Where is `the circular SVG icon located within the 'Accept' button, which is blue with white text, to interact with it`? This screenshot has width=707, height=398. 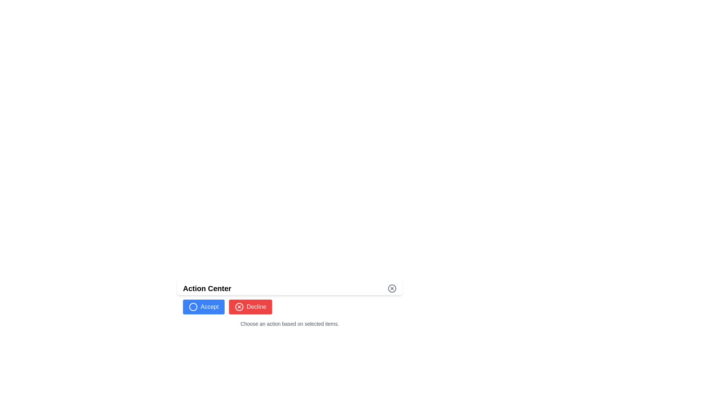
the circular SVG icon located within the 'Accept' button, which is blue with white text, to interact with it is located at coordinates (193, 307).